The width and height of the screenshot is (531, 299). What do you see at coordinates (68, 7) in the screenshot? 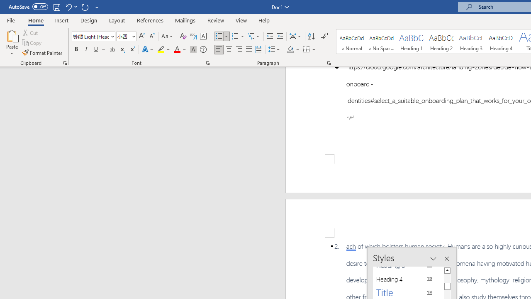
I see `'Undo Bullet Default'` at bounding box center [68, 7].